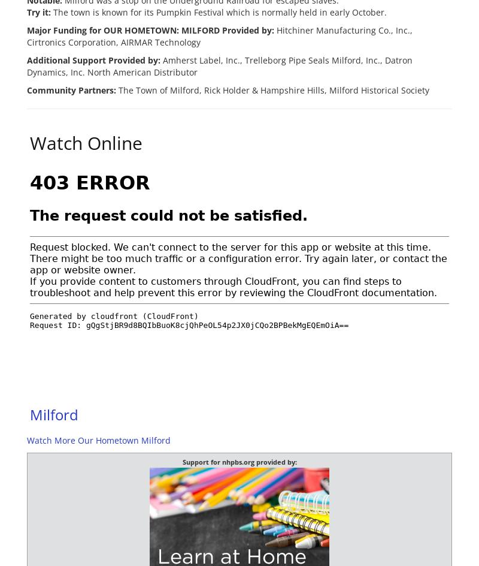  What do you see at coordinates (86, 142) in the screenshot?
I see `'Watch Online'` at bounding box center [86, 142].